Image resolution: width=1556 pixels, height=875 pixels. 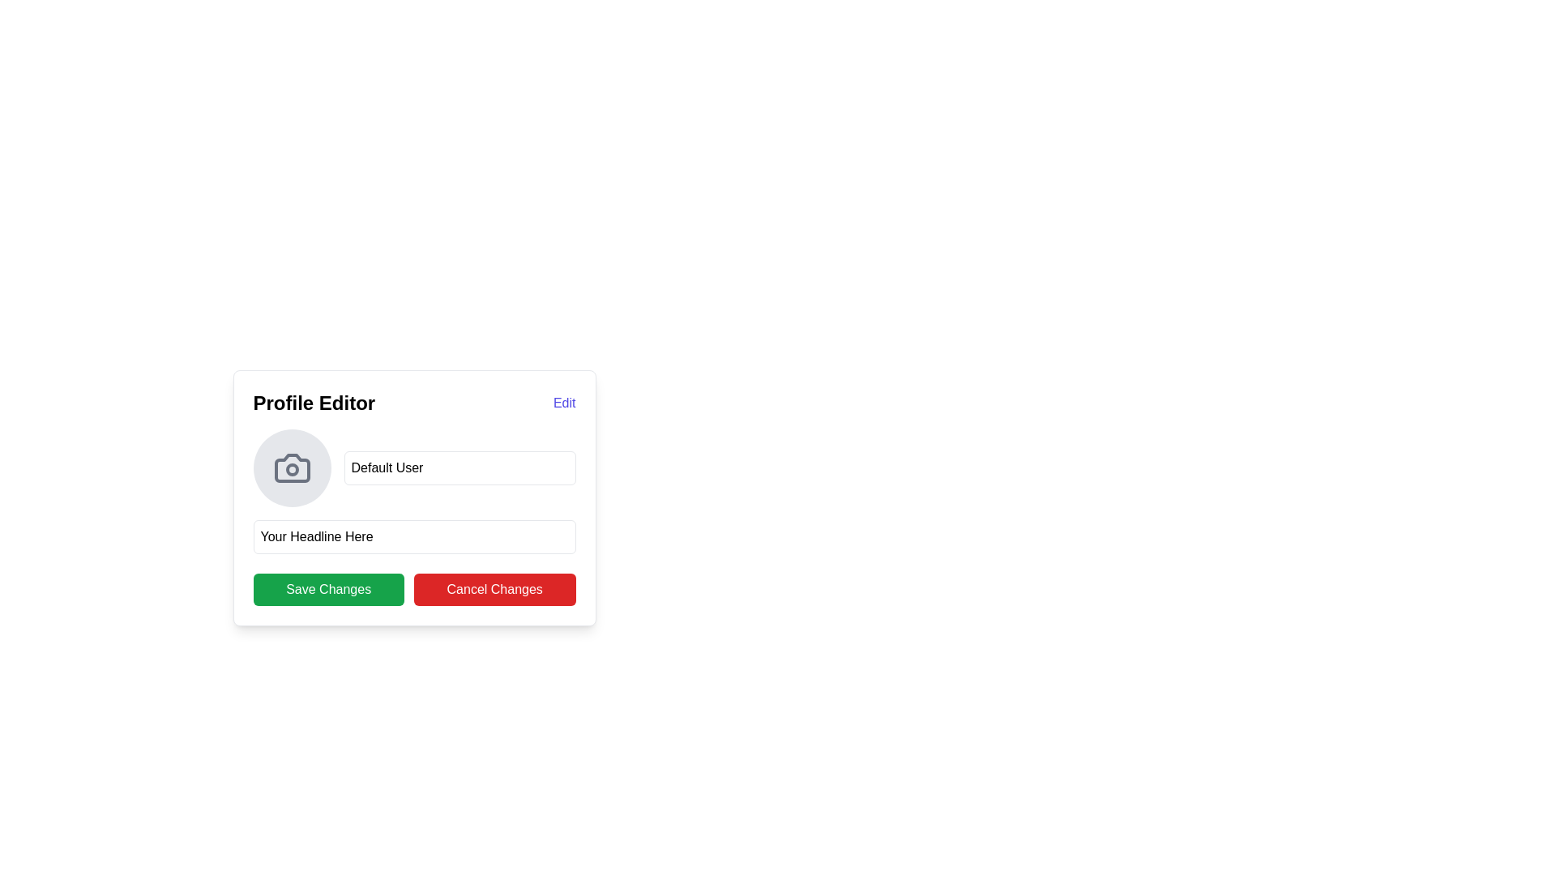 I want to click on the decorative SVG circle that visually represents the camera lens in the Profile Editor UI, located to the left of the text 'Default User', so click(x=292, y=469).